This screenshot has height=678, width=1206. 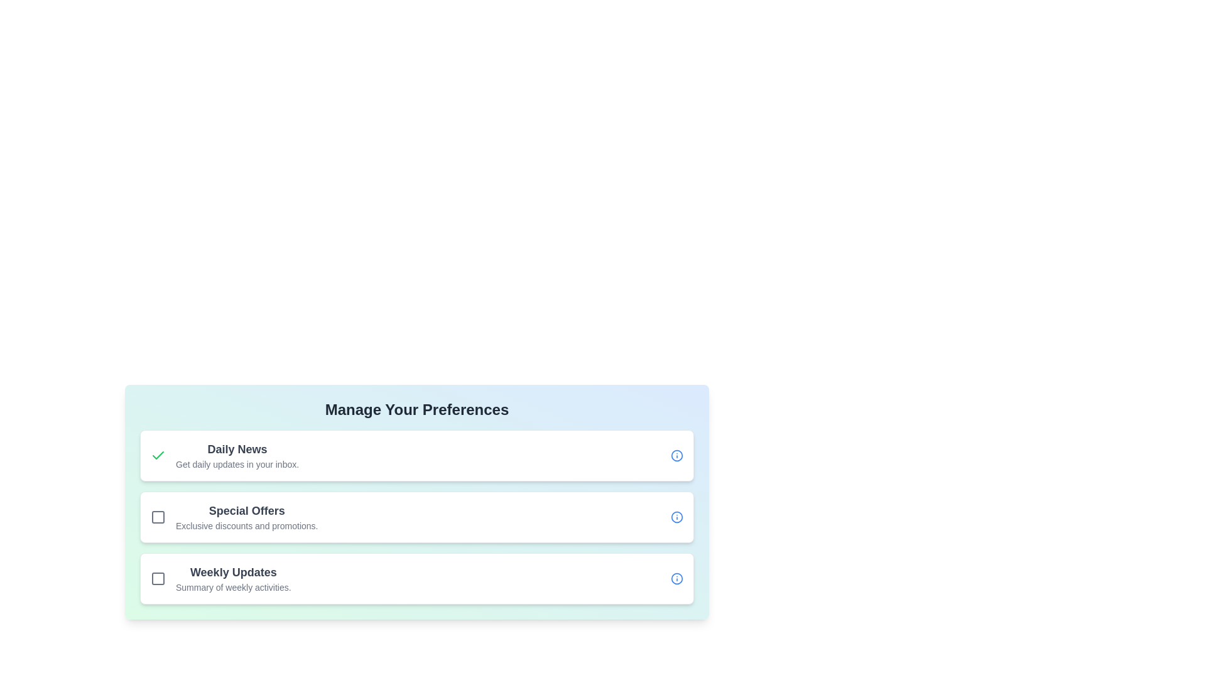 I want to click on text block displaying 'Daily News' and the supporting information 'Get daily updates in your inbox.' which is centrally aligned and positioned at the top of its group in the three-option list view, so click(x=237, y=455).